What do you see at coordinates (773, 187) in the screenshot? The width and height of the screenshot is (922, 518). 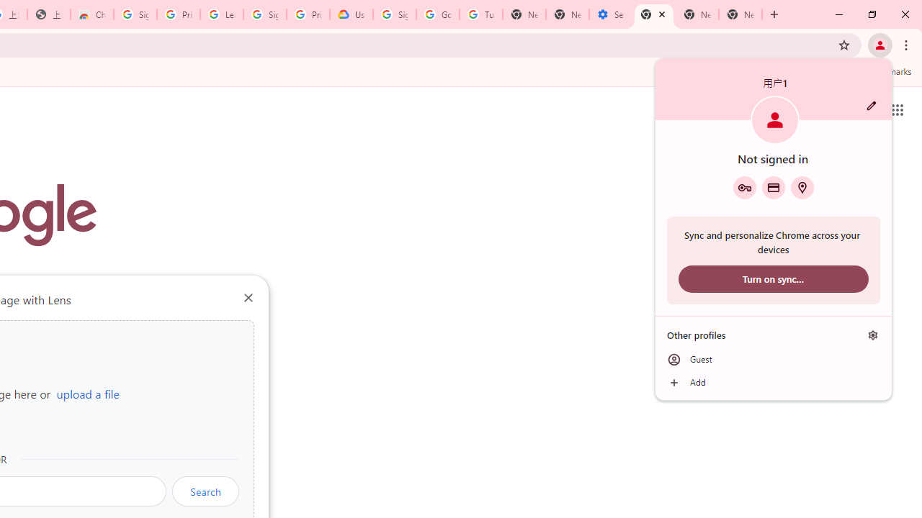 I see `'Payment methods'` at bounding box center [773, 187].